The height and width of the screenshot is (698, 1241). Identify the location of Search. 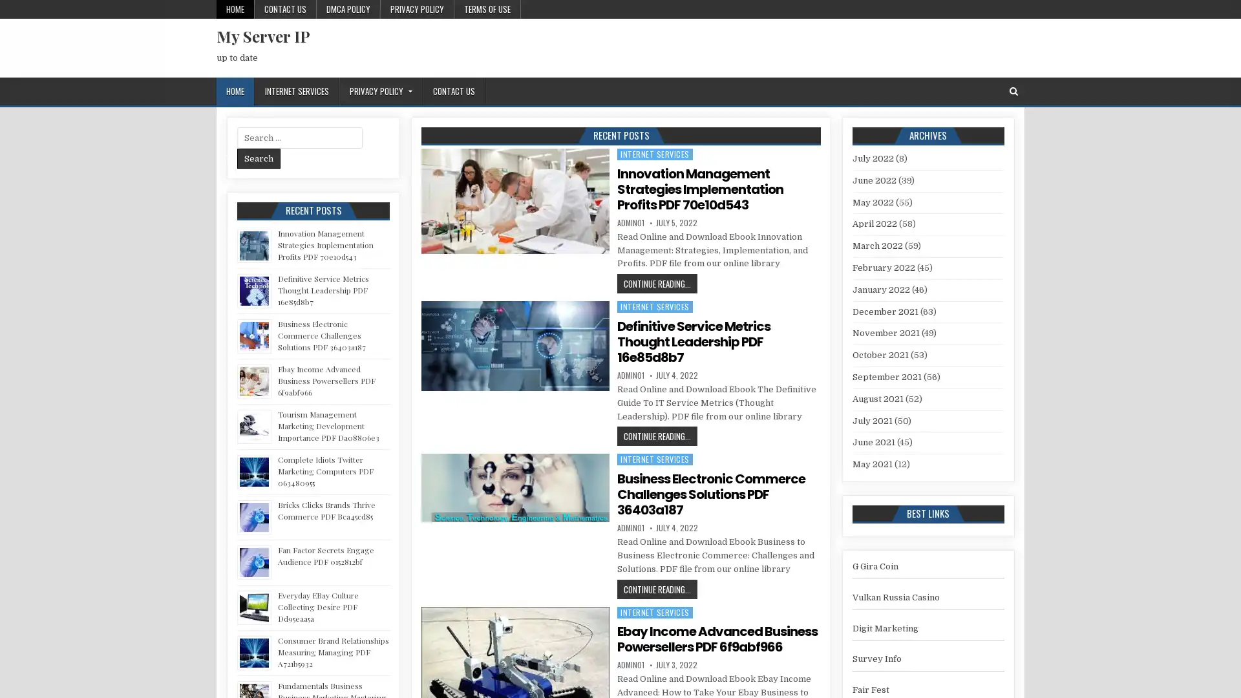
(259, 158).